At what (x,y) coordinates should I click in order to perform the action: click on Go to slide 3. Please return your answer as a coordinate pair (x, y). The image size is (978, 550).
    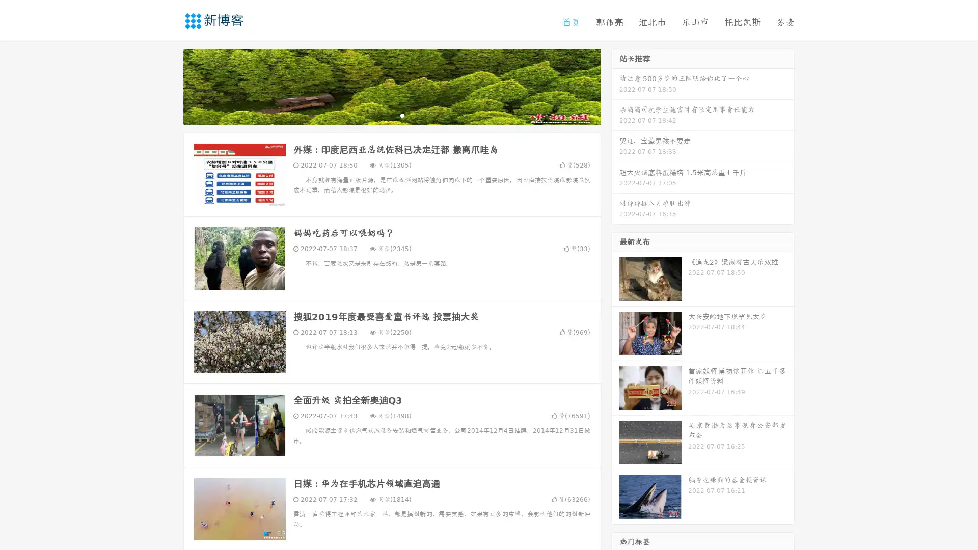
    Looking at the image, I should click on (402, 115).